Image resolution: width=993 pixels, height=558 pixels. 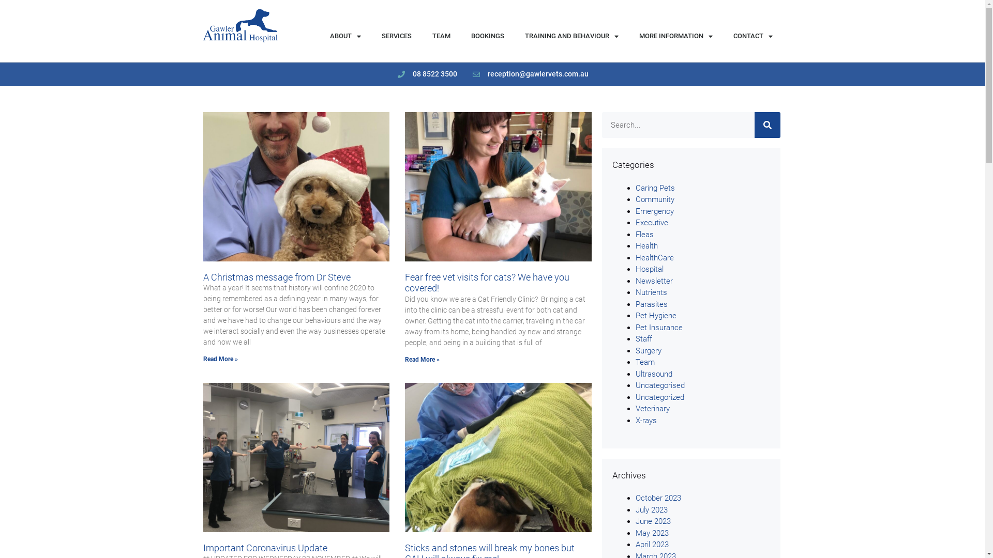 I want to click on 'Emergency', so click(x=654, y=210).